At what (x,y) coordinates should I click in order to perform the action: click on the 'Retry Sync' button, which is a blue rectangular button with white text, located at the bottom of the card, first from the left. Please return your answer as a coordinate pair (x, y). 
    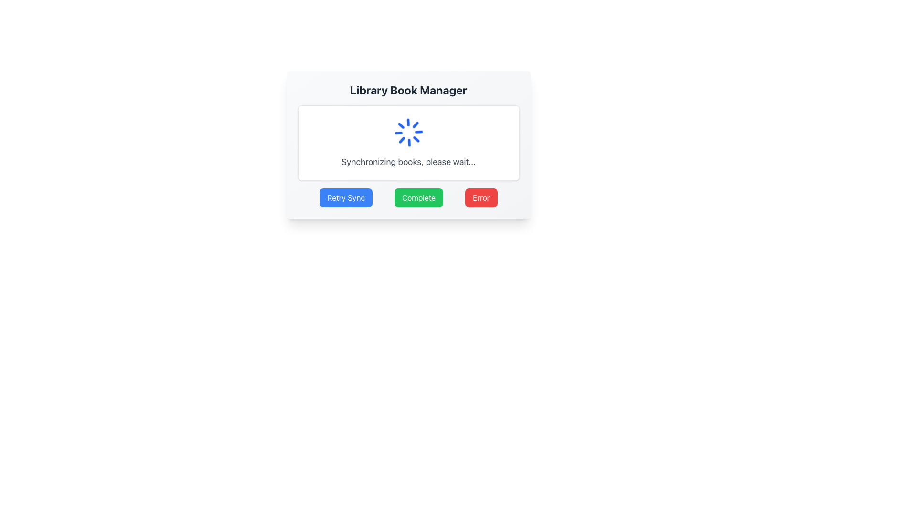
    Looking at the image, I should click on (345, 197).